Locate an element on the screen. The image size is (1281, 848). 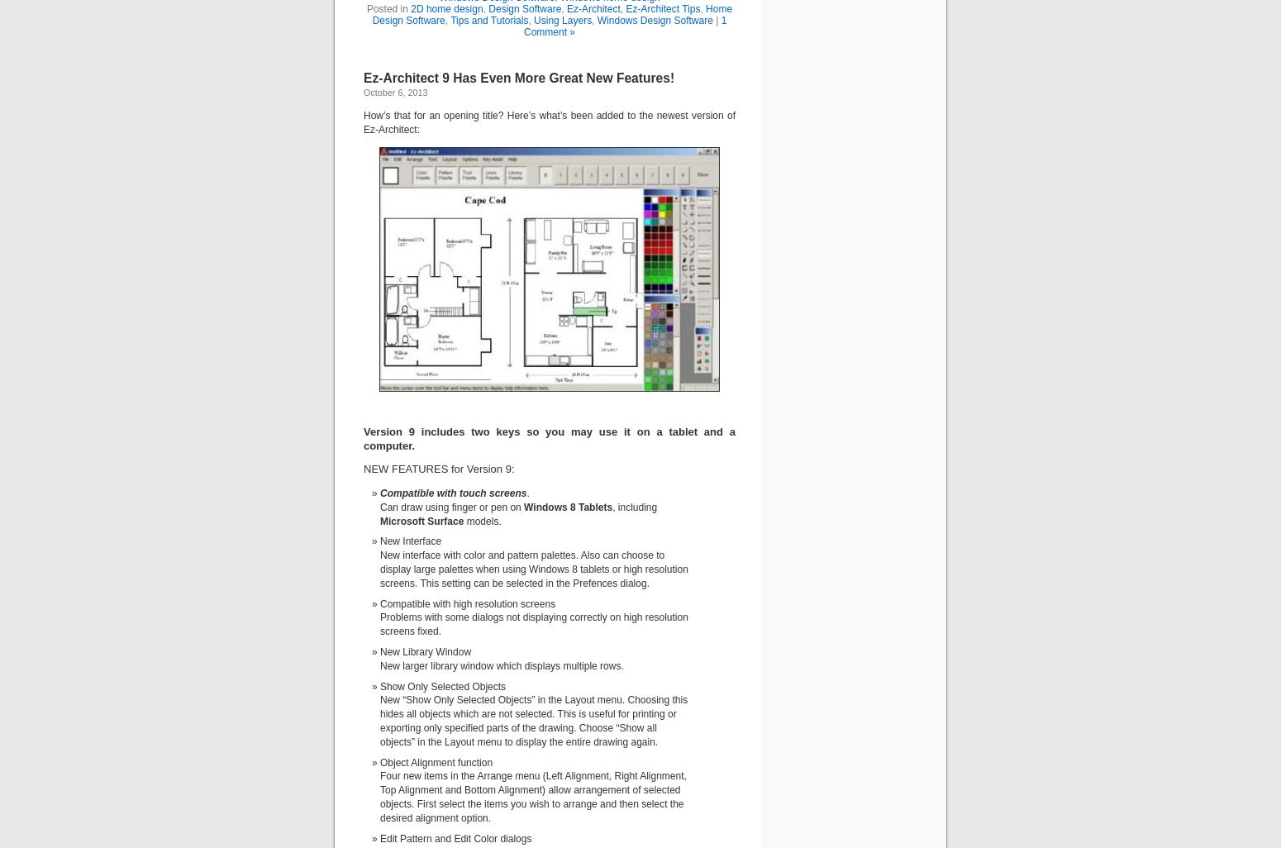
'Four new items in the Arrange menu (Left Alignment, Right Alignment, Top Alignment and Bottom Alignment) allow arrangement of selected objects. First select the items you wish to arrange and then select the desired alignment option.' is located at coordinates (531, 797).